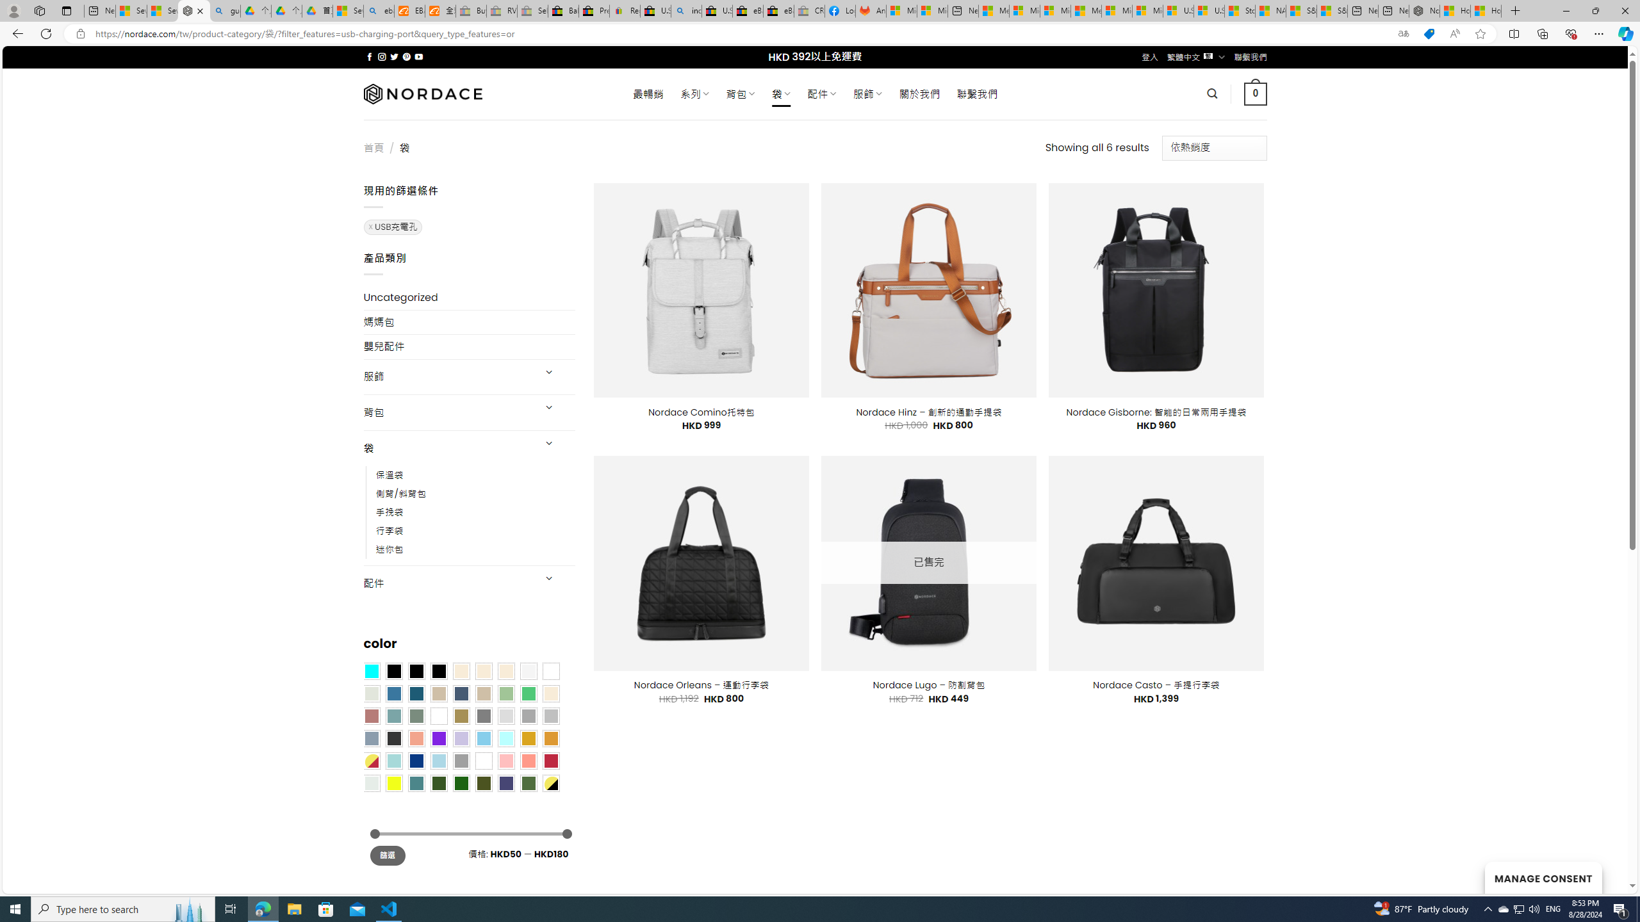 This screenshot has width=1640, height=922. I want to click on 'guge yunpan - Search', so click(225, 10).